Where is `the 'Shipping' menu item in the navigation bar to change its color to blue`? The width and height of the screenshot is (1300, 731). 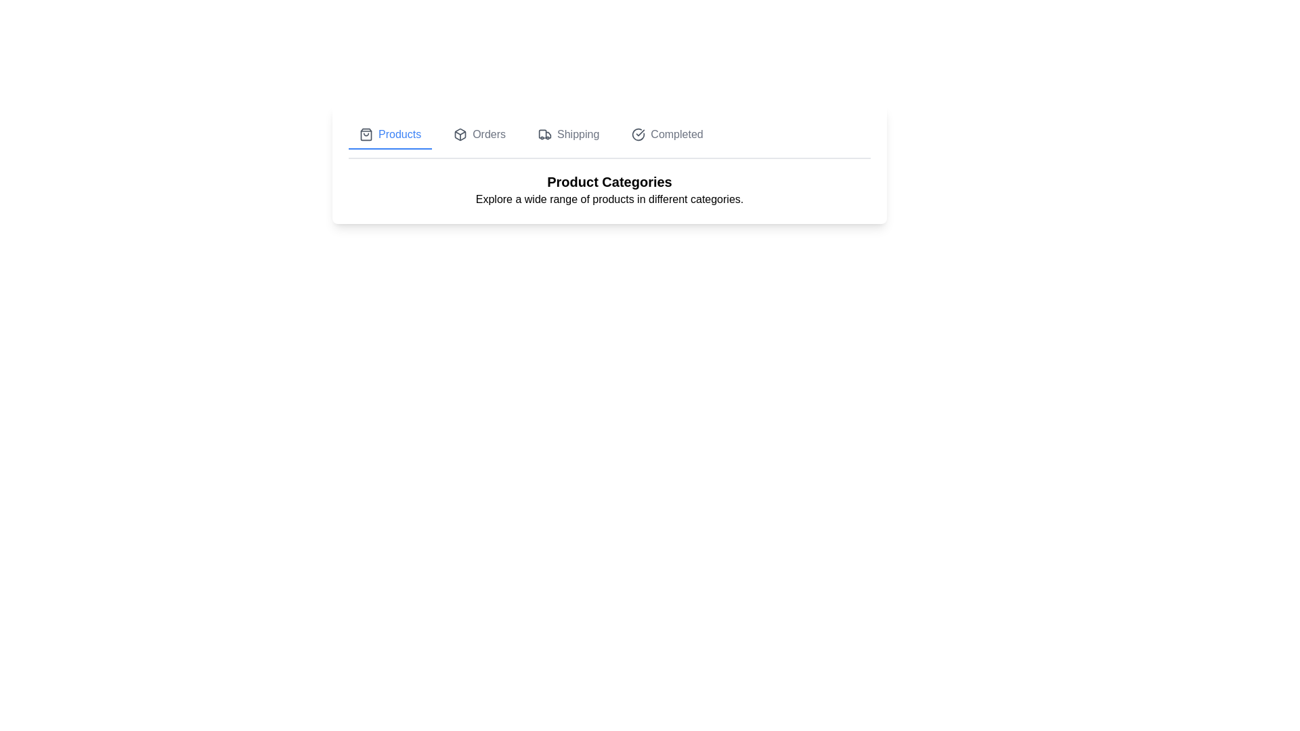 the 'Shipping' menu item in the navigation bar to change its color to blue is located at coordinates (569, 135).